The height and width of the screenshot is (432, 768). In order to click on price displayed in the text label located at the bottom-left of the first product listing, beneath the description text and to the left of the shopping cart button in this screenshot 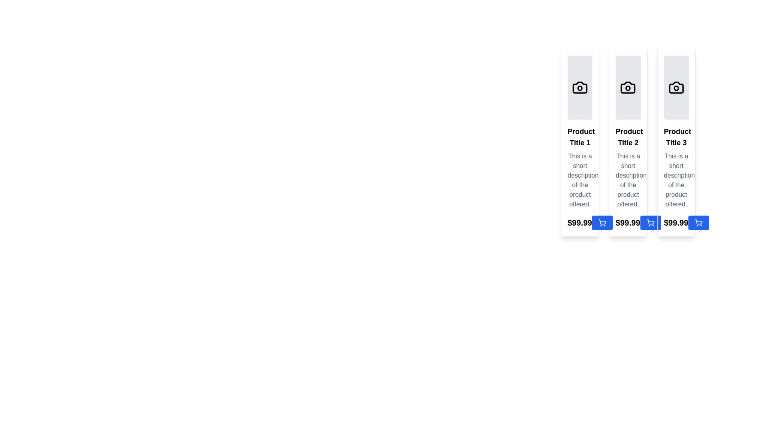, I will do `click(580, 222)`.